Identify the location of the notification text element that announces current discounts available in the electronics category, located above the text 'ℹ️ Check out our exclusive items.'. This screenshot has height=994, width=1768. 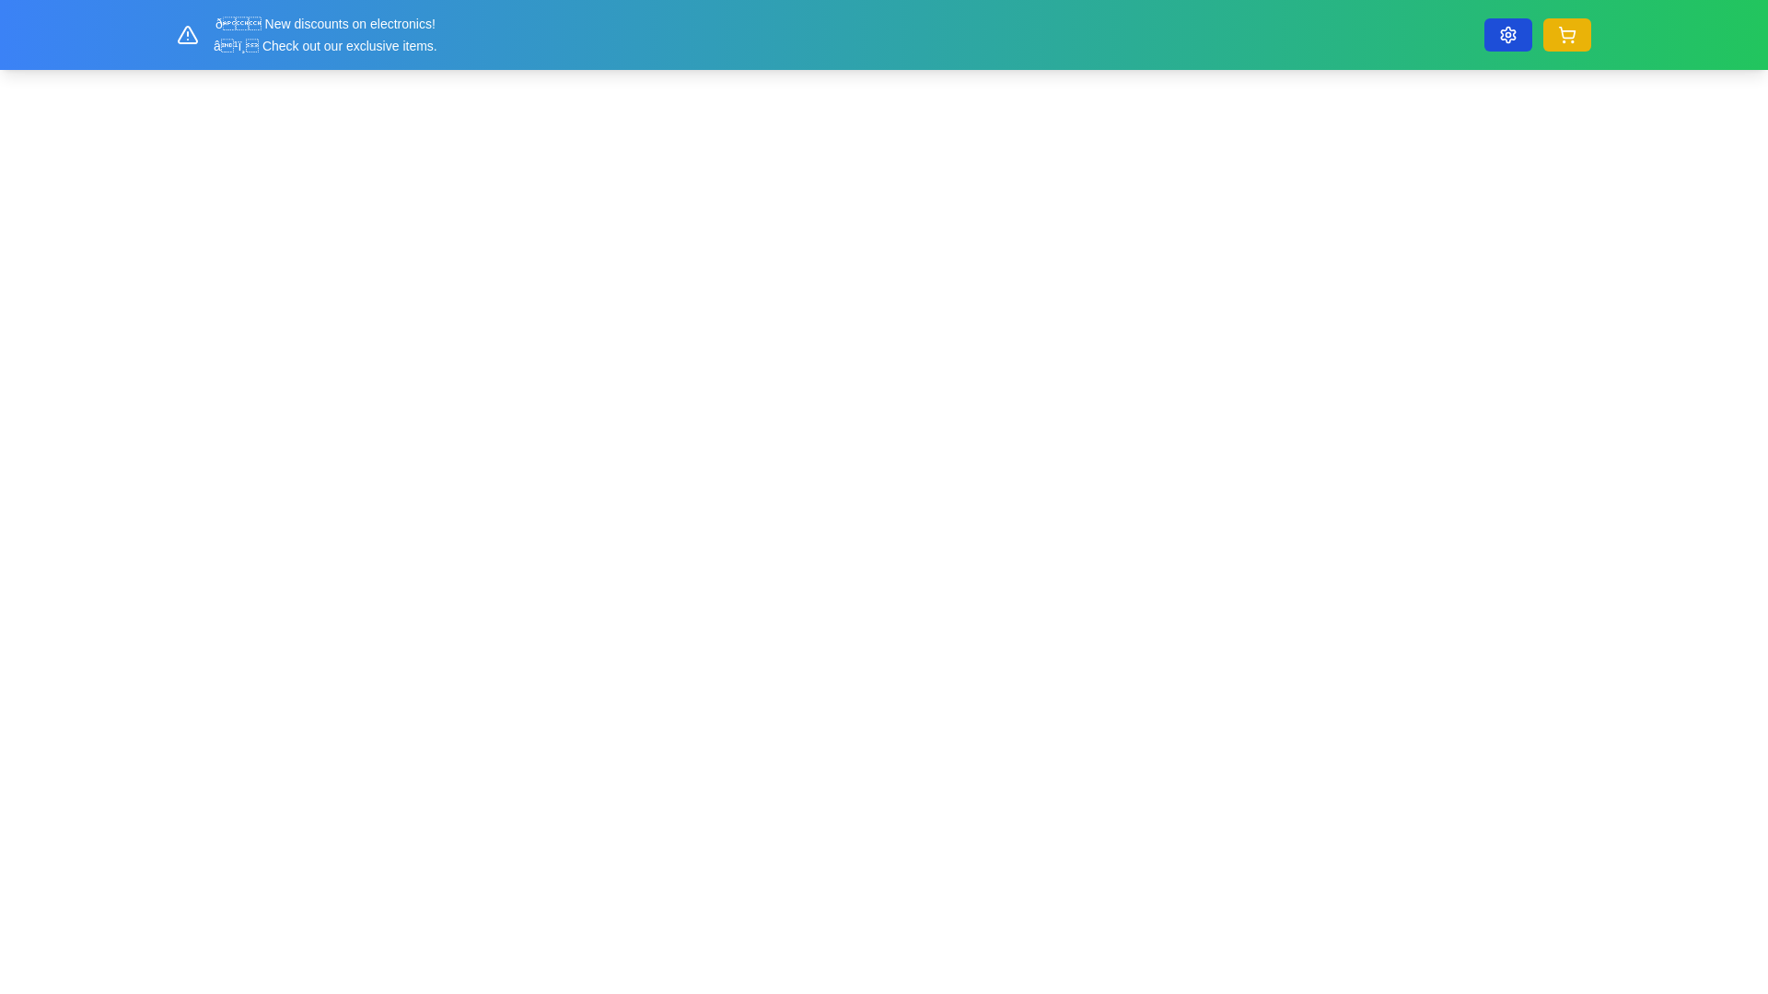
(325, 24).